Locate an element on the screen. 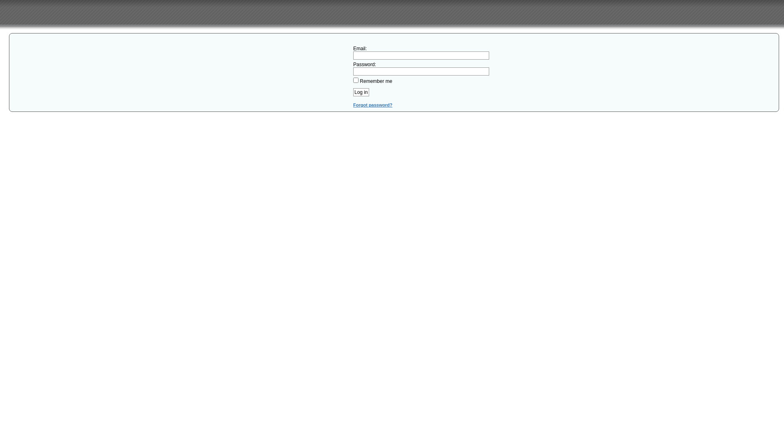 The height and width of the screenshot is (441, 784). 'Forgot password?' is located at coordinates (372, 105).